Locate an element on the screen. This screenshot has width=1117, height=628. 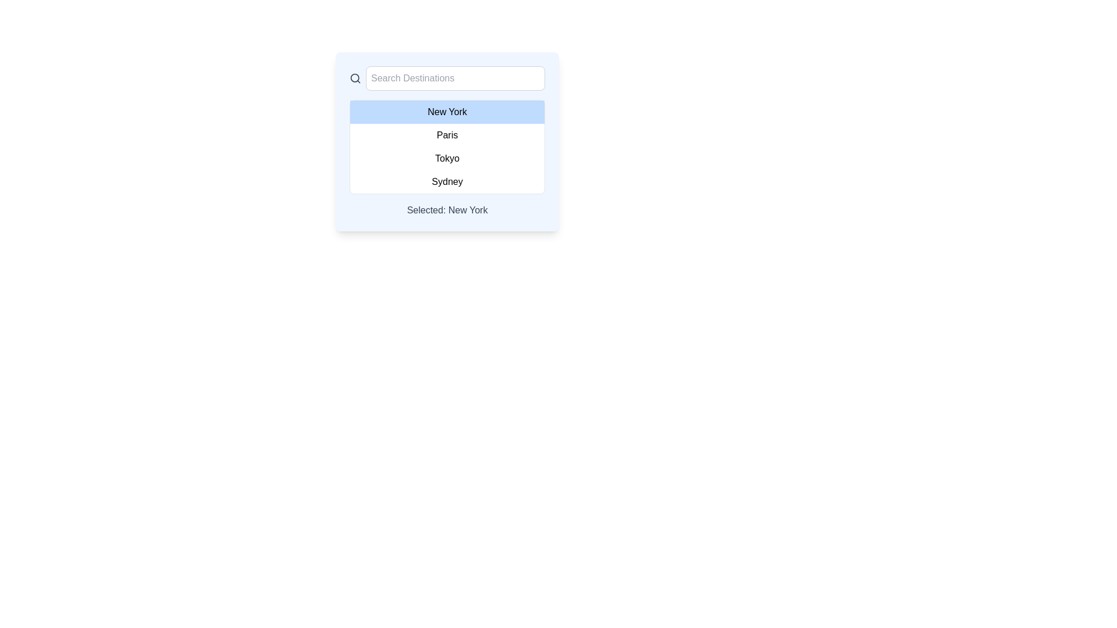
the selectable list item labeled 'Paris', which is styled with padding and has a hover effect that changes its background color to light blue is located at coordinates (446, 134).